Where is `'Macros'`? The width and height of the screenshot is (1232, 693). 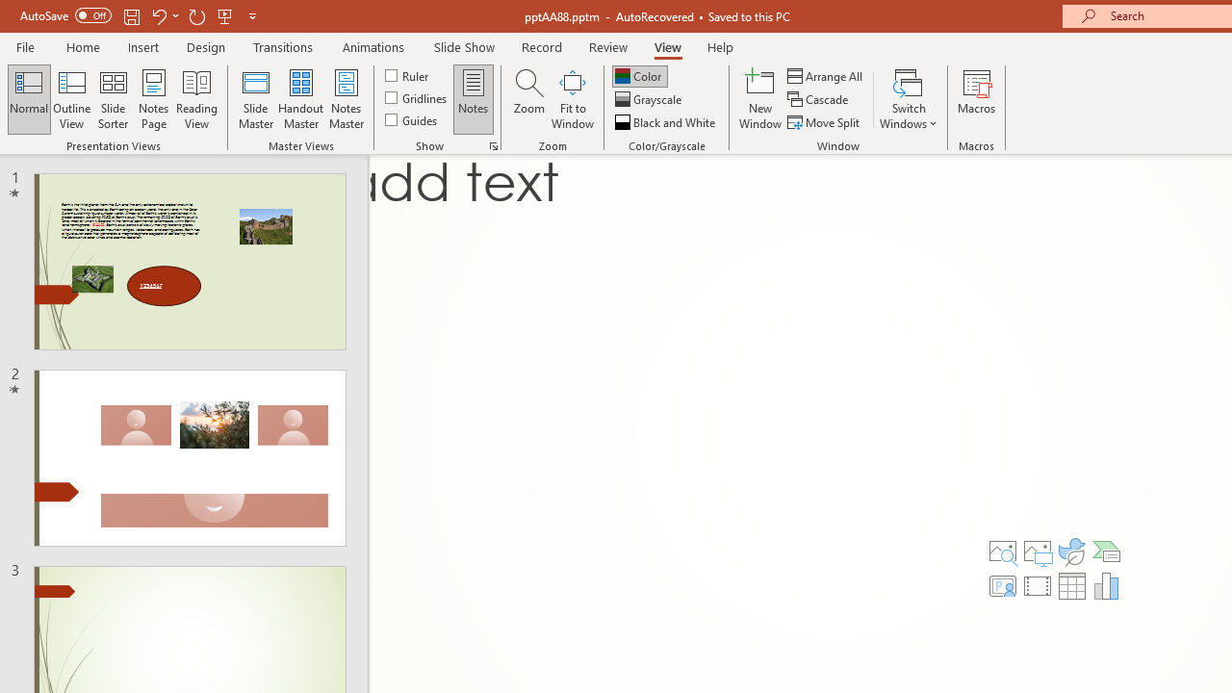
'Macros' is located at coordinates (977, 99).